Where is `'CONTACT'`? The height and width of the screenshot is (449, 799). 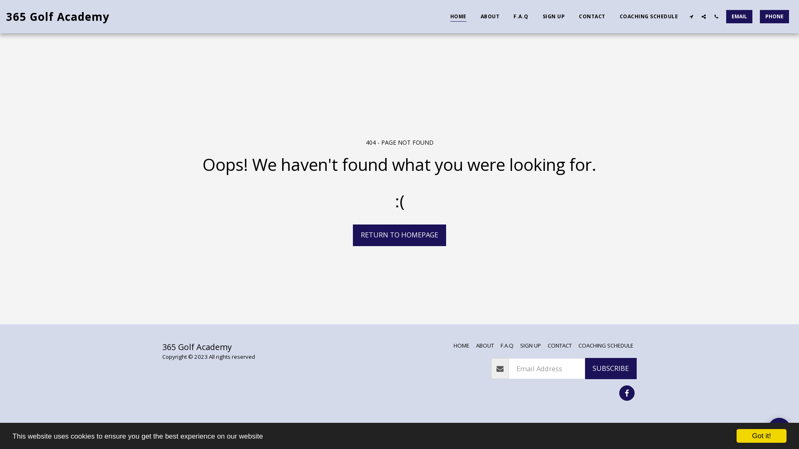 'CONTACT' is located at coordinates (559, 345).